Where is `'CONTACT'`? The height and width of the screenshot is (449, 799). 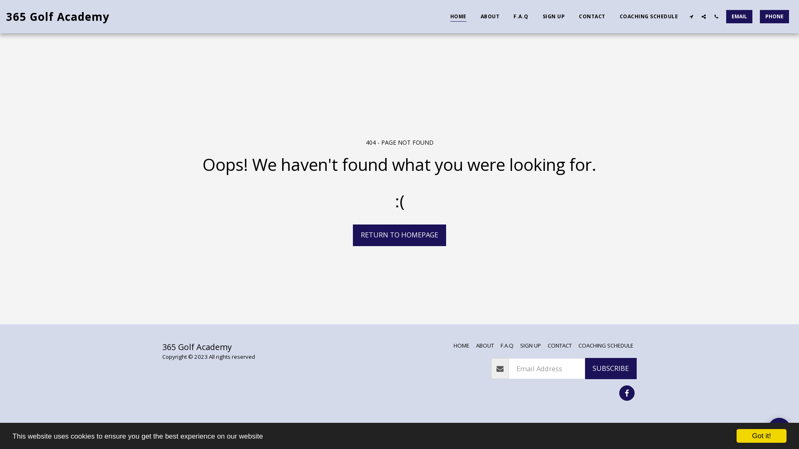 'CONTACT' is located at coordinates (559, 345).